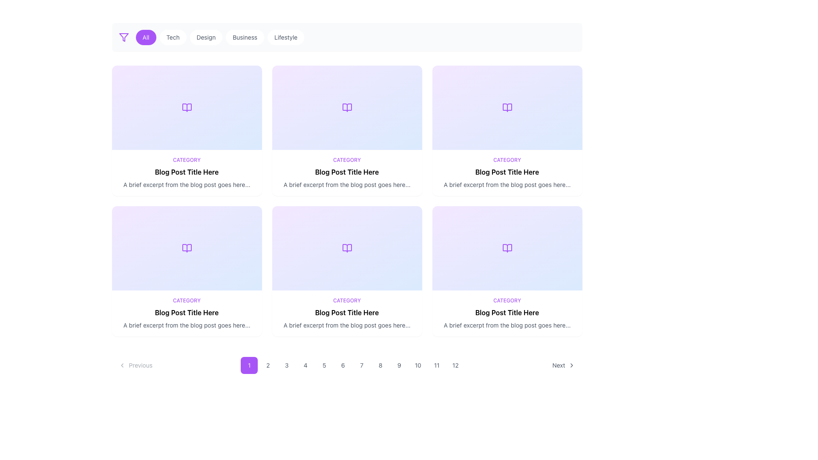  Describe the element at coordinates (186, 160) in the screenshot. I see `text content of the label displaying 'CATEGORY', which is styled in purple, bold, small-sized font and positioned above the title text in the top section of the content card` at that location.